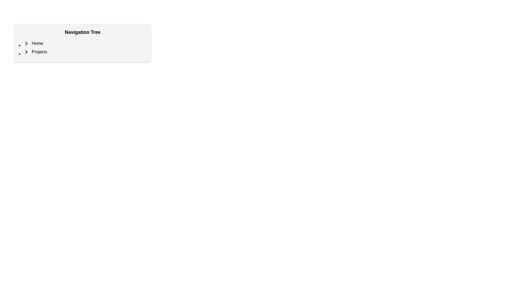 This screenshot has width=512, height=288. I want to click on the chevron icon button, which is styled with a minimalist design and located to the left of the 'Home' text in the navigation tree, so click(26, 43).